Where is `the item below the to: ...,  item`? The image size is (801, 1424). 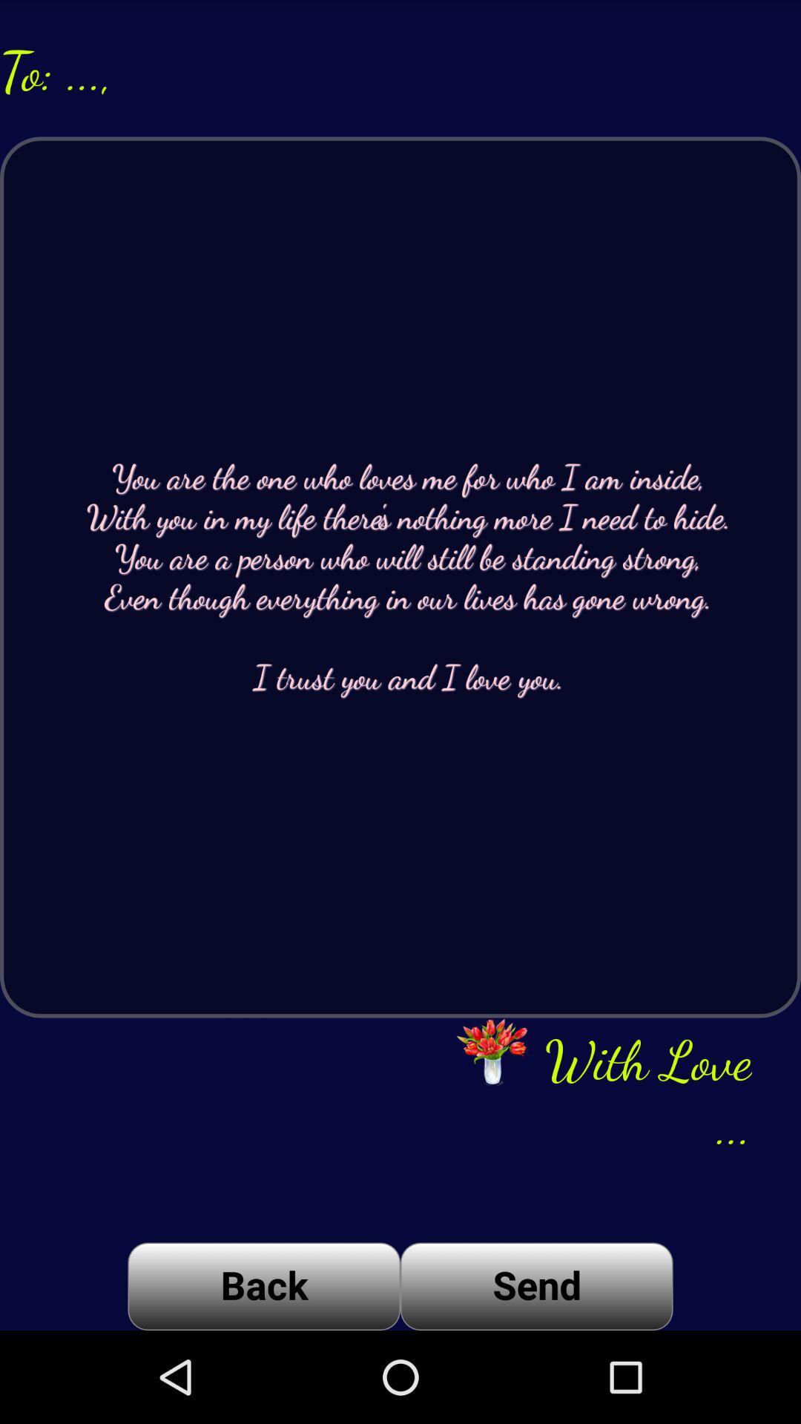 the item below the to: ...,  item is located at coordinates (400, 576).